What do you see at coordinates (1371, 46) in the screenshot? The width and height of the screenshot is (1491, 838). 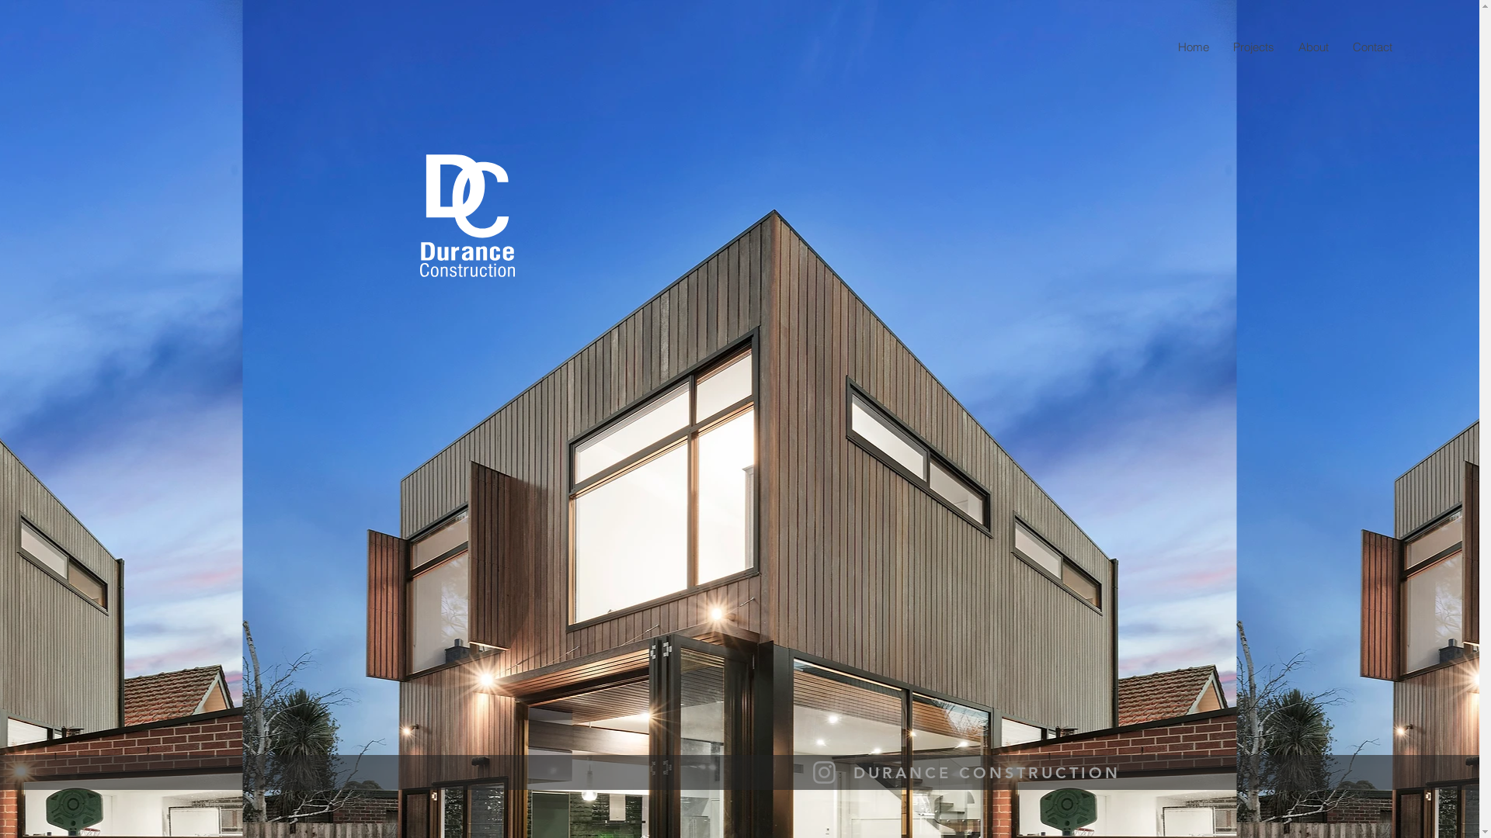 I see `'Contact'` at bounding box center [1371, 46].